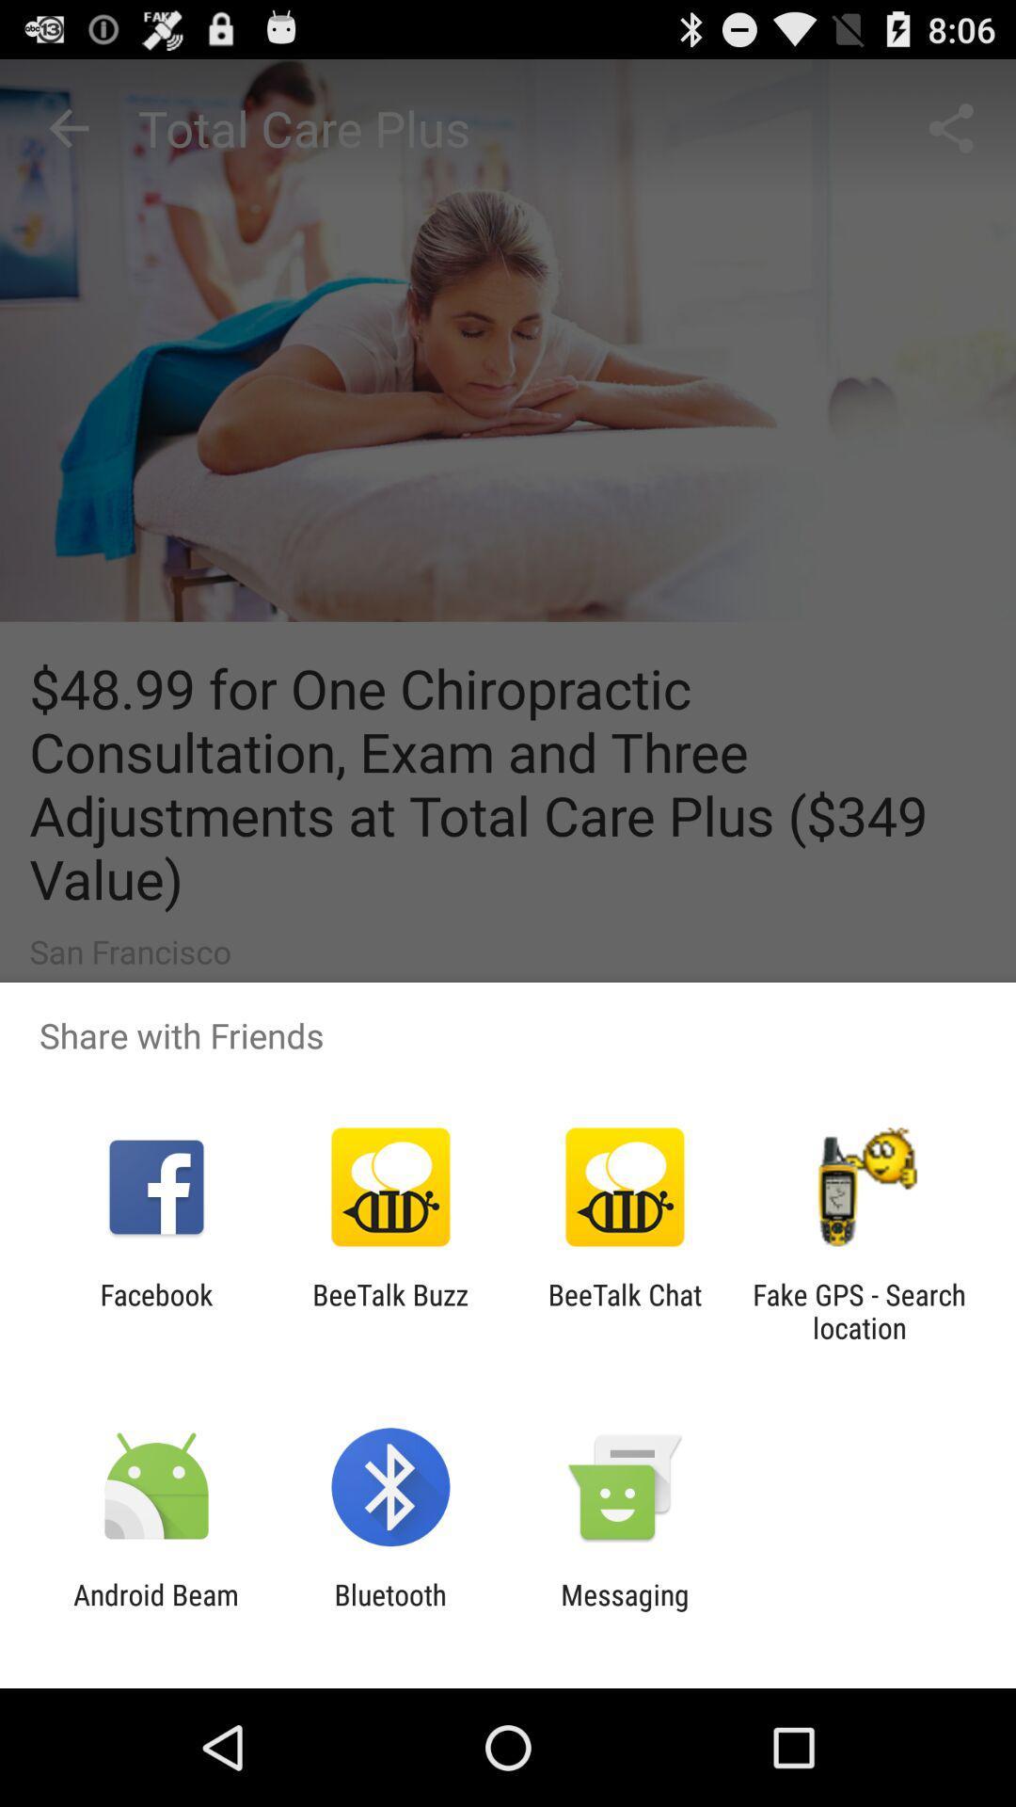 Image resolution: width=1016 pixels, height=1807 pixels. Describe the element at coordinates (155, 1310) in the screenshot. I see `the item to the left of beetalk buzz app` at that location.